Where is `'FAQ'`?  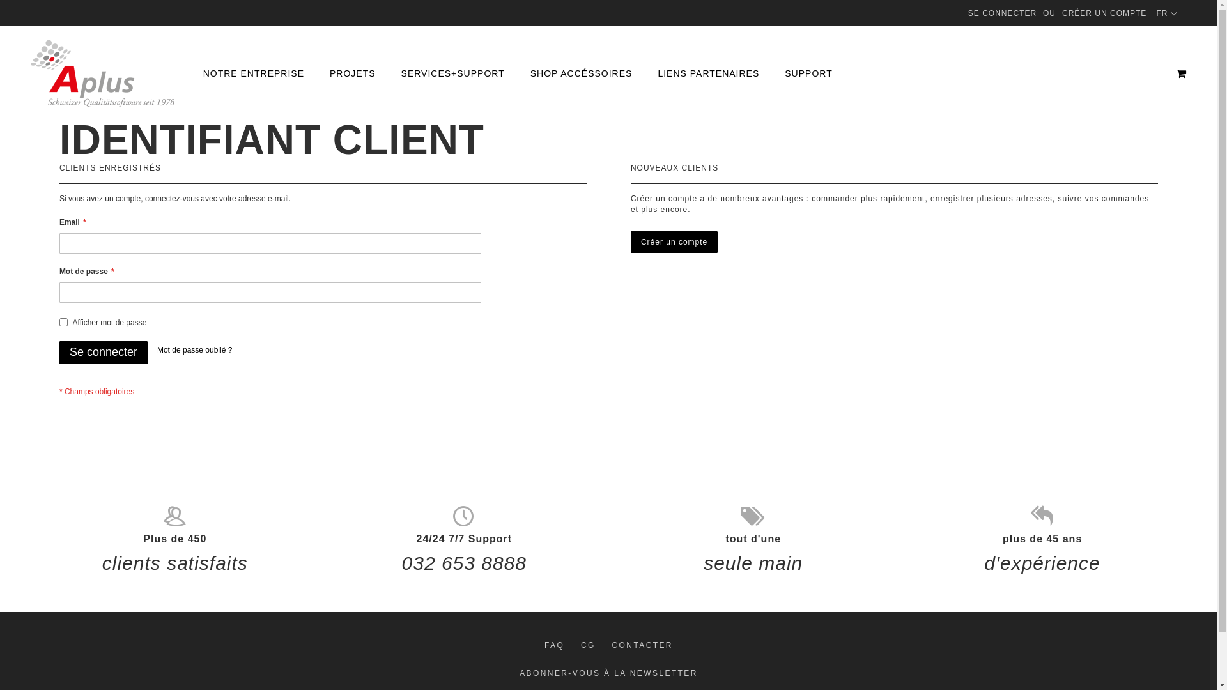 'FAQ' is located at coordinates (554, 645).